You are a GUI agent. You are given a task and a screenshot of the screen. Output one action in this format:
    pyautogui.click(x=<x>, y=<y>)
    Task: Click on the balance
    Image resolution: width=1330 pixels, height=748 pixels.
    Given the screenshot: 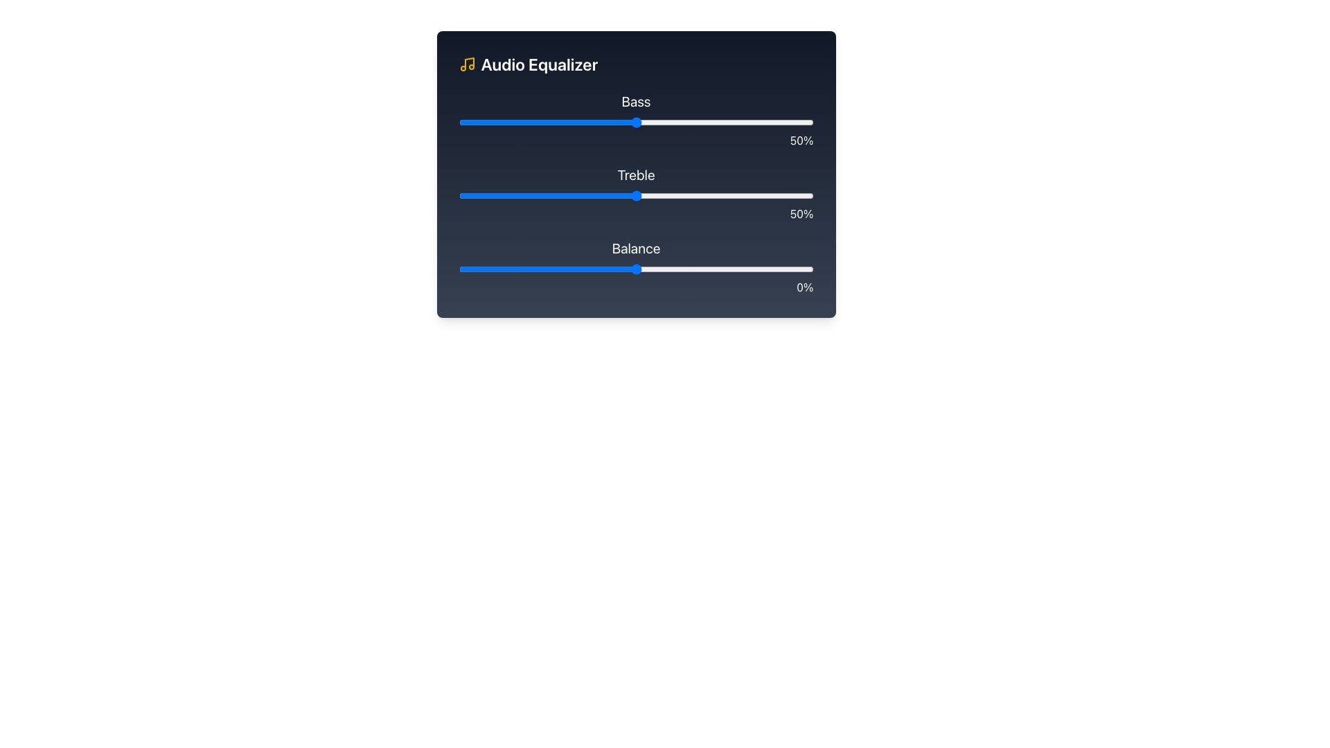 What is the action you would take?
    pyautogui.click(x=550, y=269)
    